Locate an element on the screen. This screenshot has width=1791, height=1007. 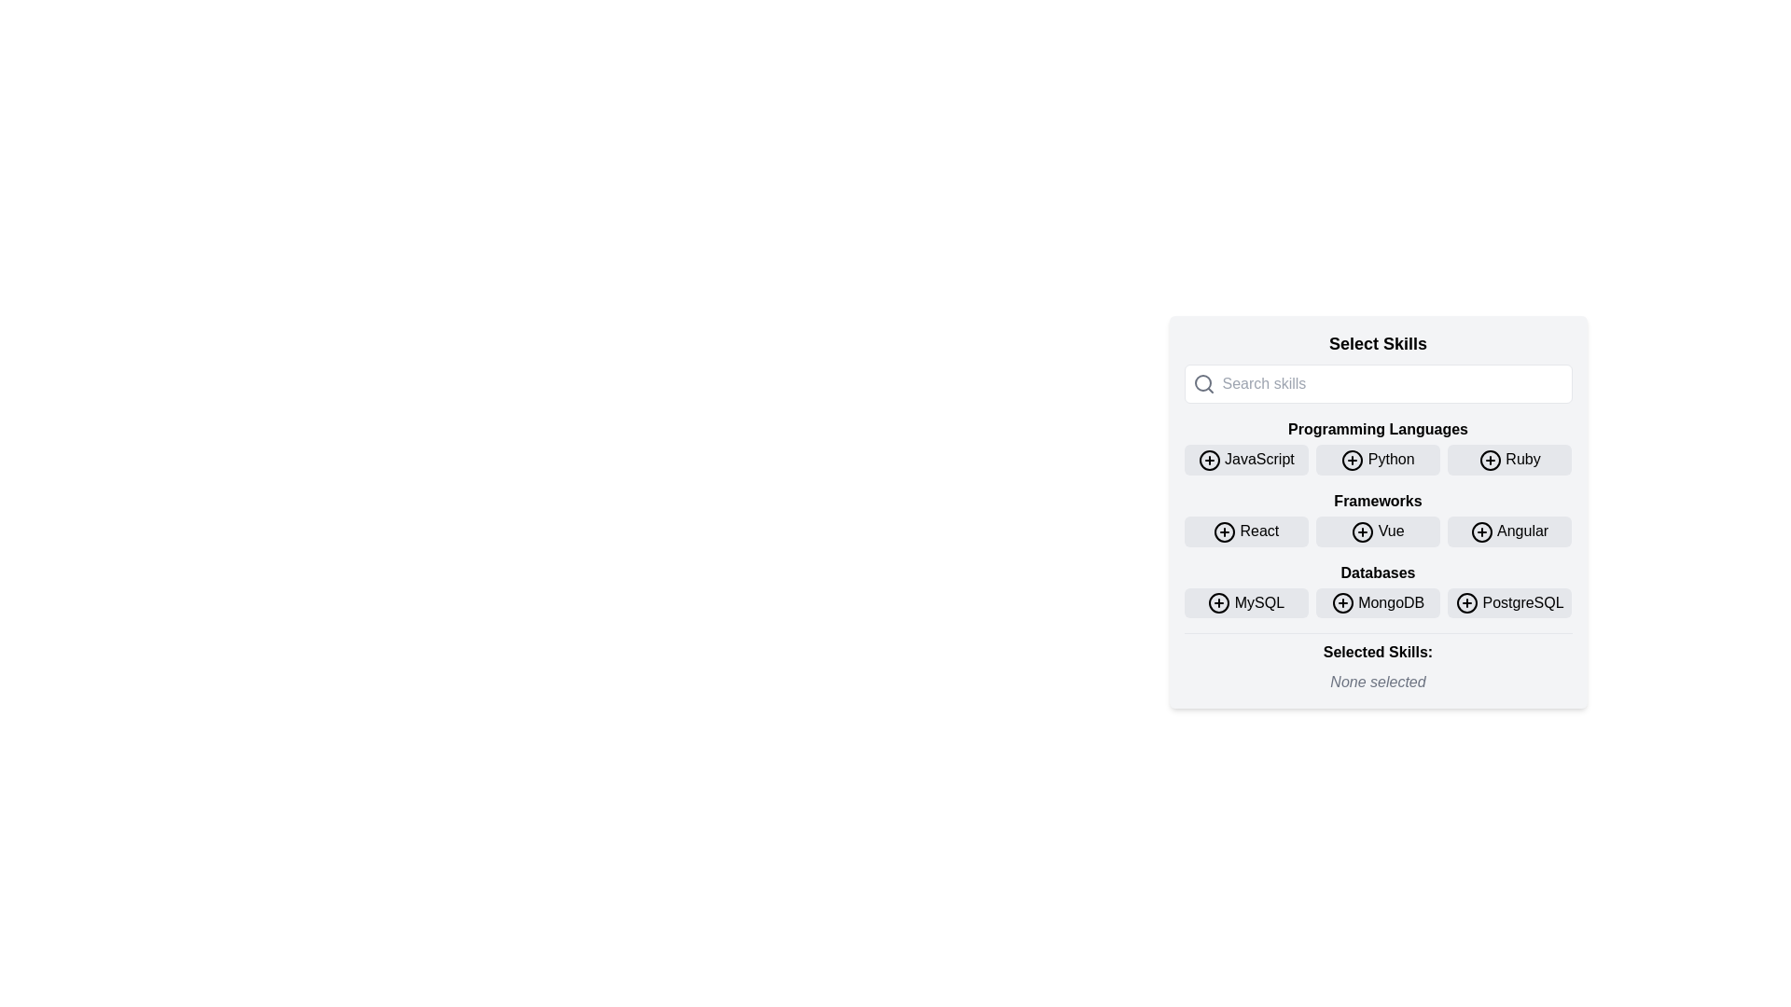
the central circle component of the search icon, which indicates the search functionality is located at coordinates (1202, 382).